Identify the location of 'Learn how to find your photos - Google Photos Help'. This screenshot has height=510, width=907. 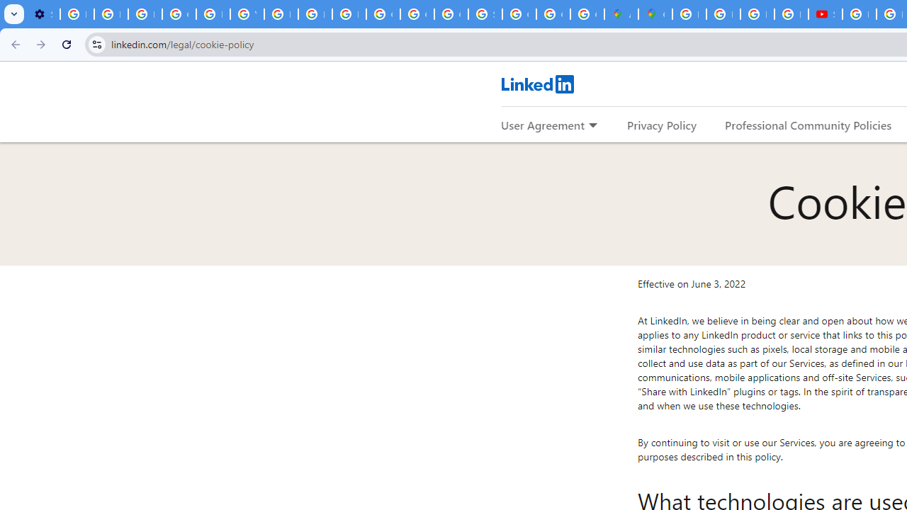
(110, 14).